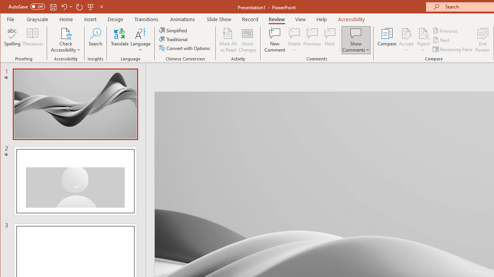 The height and width of the screenshot is (277, 494). What do you see at coordinates (185, 48) in the screenshot?
I see `'Convert with Options...'` at bounding box center [185, 48].